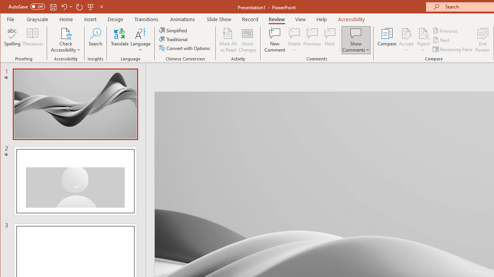 The height and width of the screenshot is (277, 494). What do you see at coordinates (185, 48) in the screenshot?
I see `'Convert with Options...'` at bounding box center [185, 48].